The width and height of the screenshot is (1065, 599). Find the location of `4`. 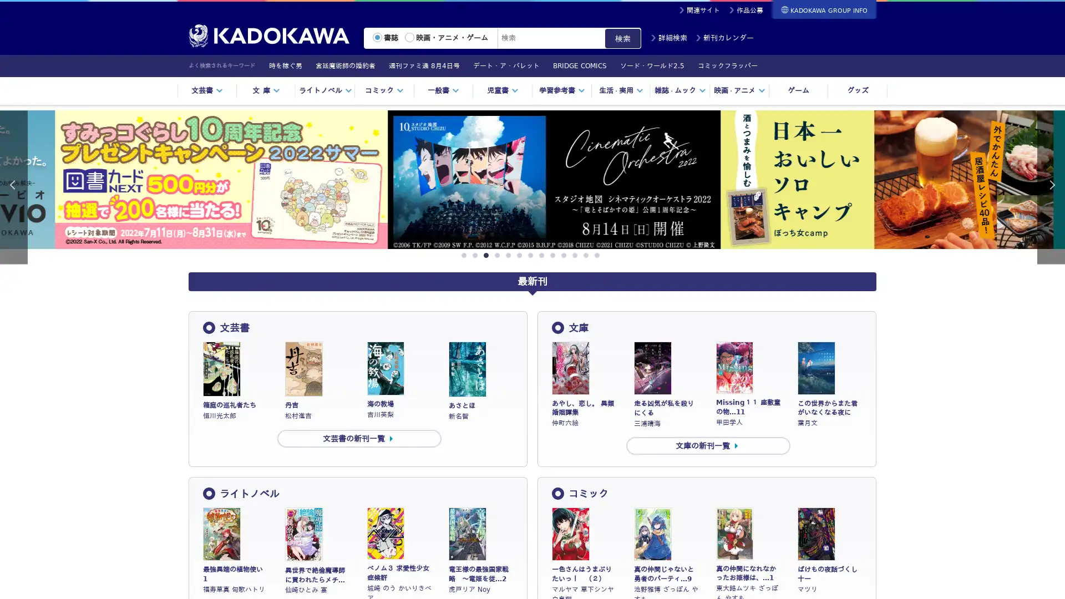

4 is located at coordinates (499, 256).